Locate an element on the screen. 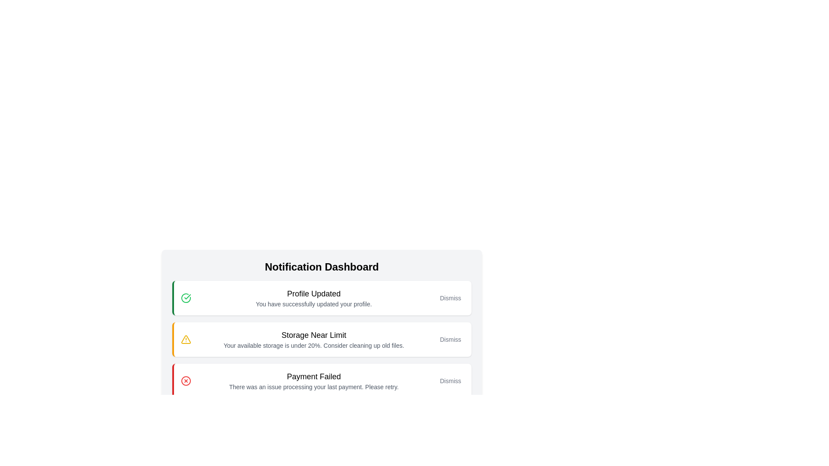 The height and width of the screenshot is (466, 829). the Notification component that informs the user about storage nearing its limit, which includes a dismiss button, for emphasis is located at coordinates (321, 349).